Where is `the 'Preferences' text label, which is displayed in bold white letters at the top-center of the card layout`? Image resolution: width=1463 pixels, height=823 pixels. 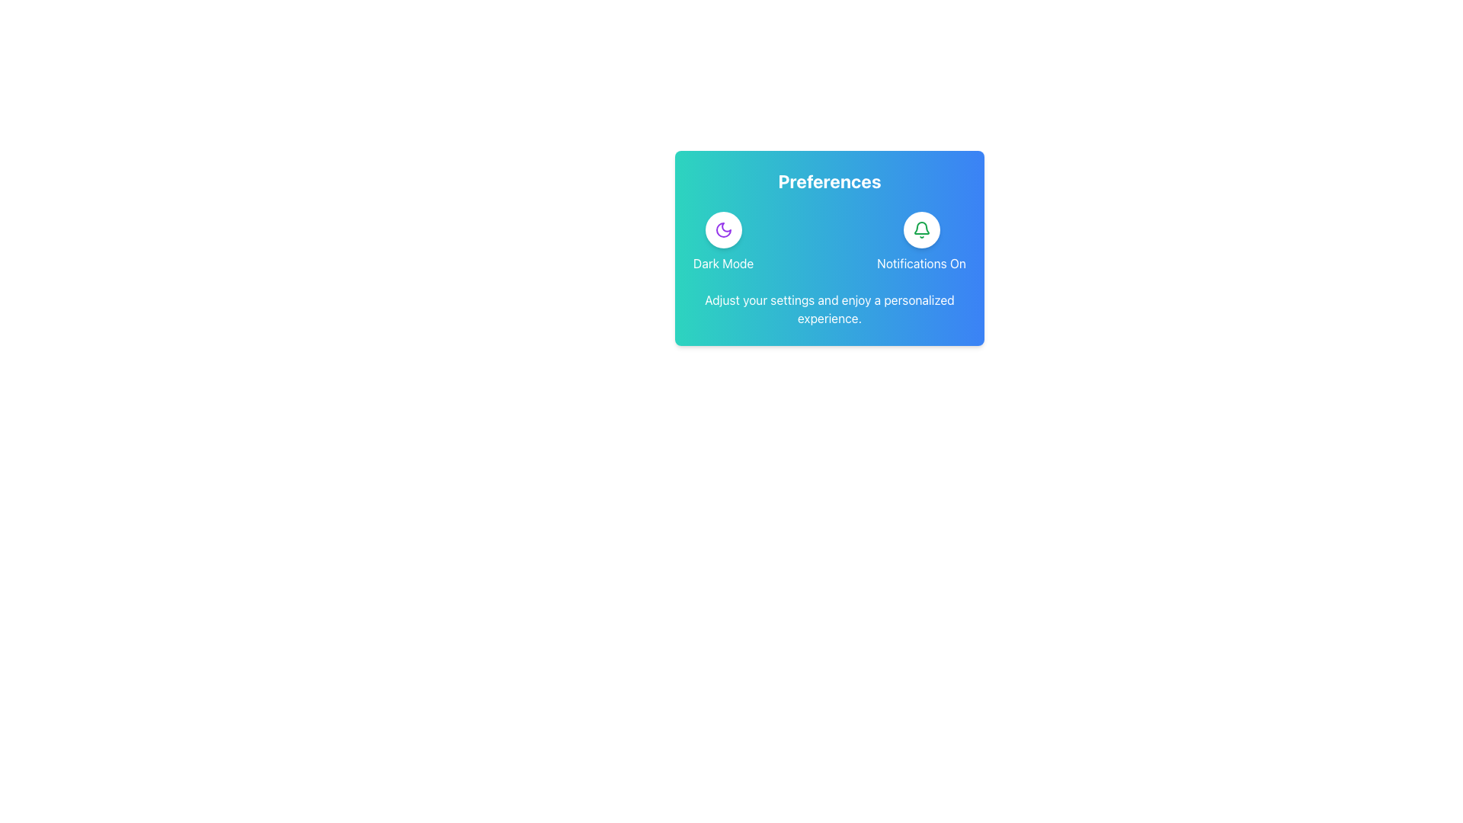 the 'Preferences' text label, which is displayed in bold white letters at the top-center of the card layout is located at coordinates (829, 181).